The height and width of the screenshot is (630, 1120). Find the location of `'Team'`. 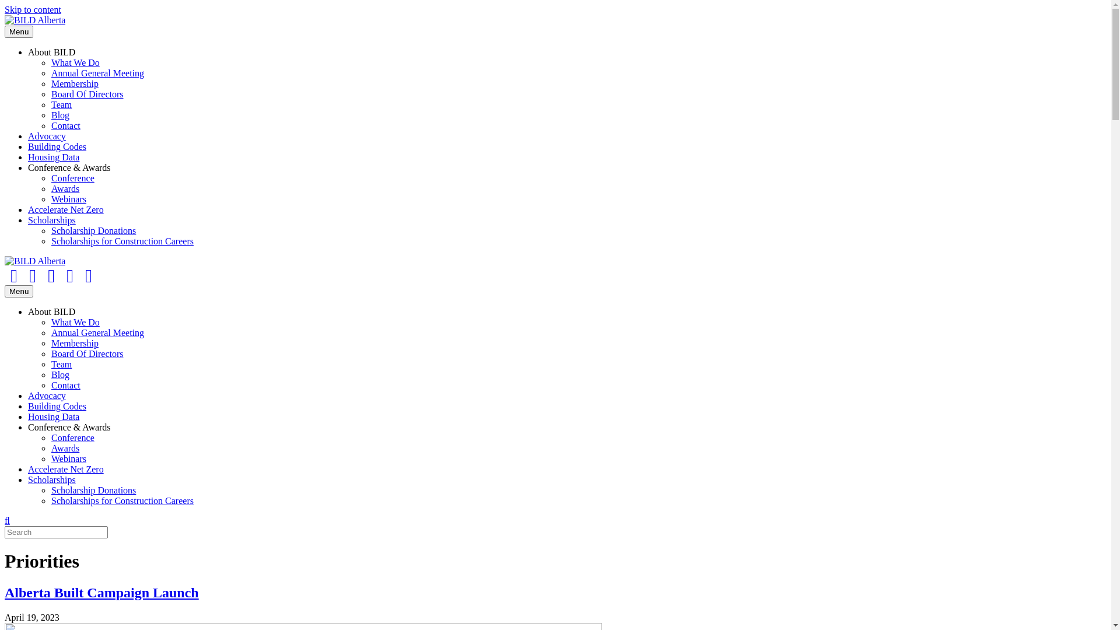

'Team' is located at coordinates (50, 104).